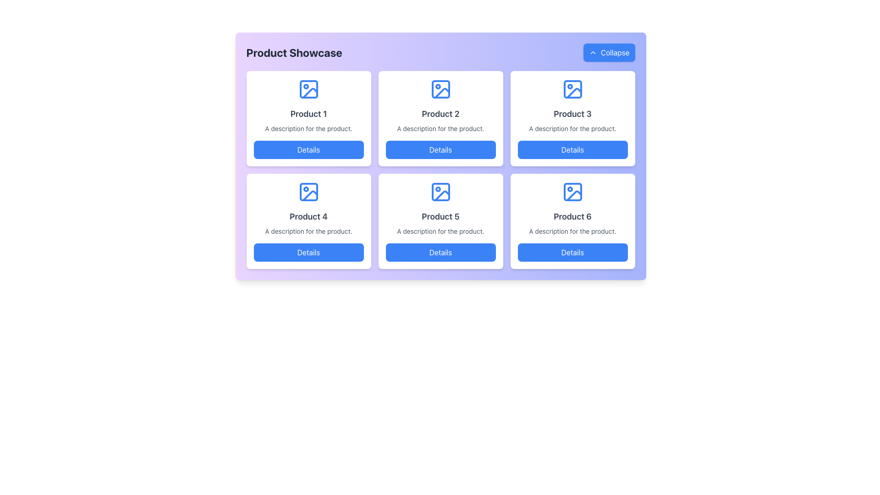  Describe the element at coordinates (308, 192) in the screenshot. I see `the icon representing an image in the 'Product 4' card, located above the title text 'Product 4'` at that location.